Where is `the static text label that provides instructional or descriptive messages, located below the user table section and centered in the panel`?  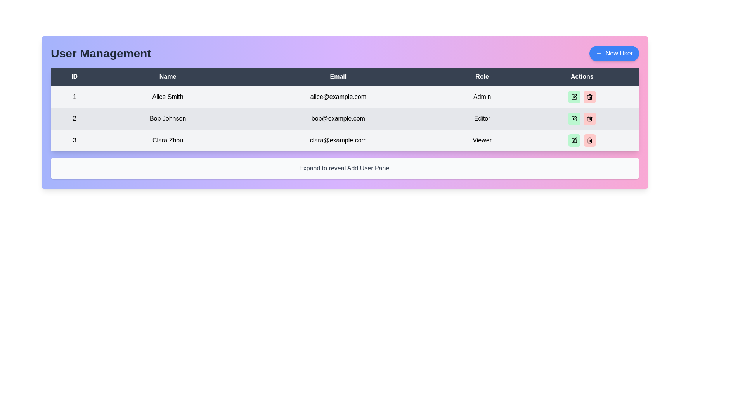
the static text label that provides instructional or descriptive messages, located below the user table section and centered in the panel is located at coordinates (344, 168).